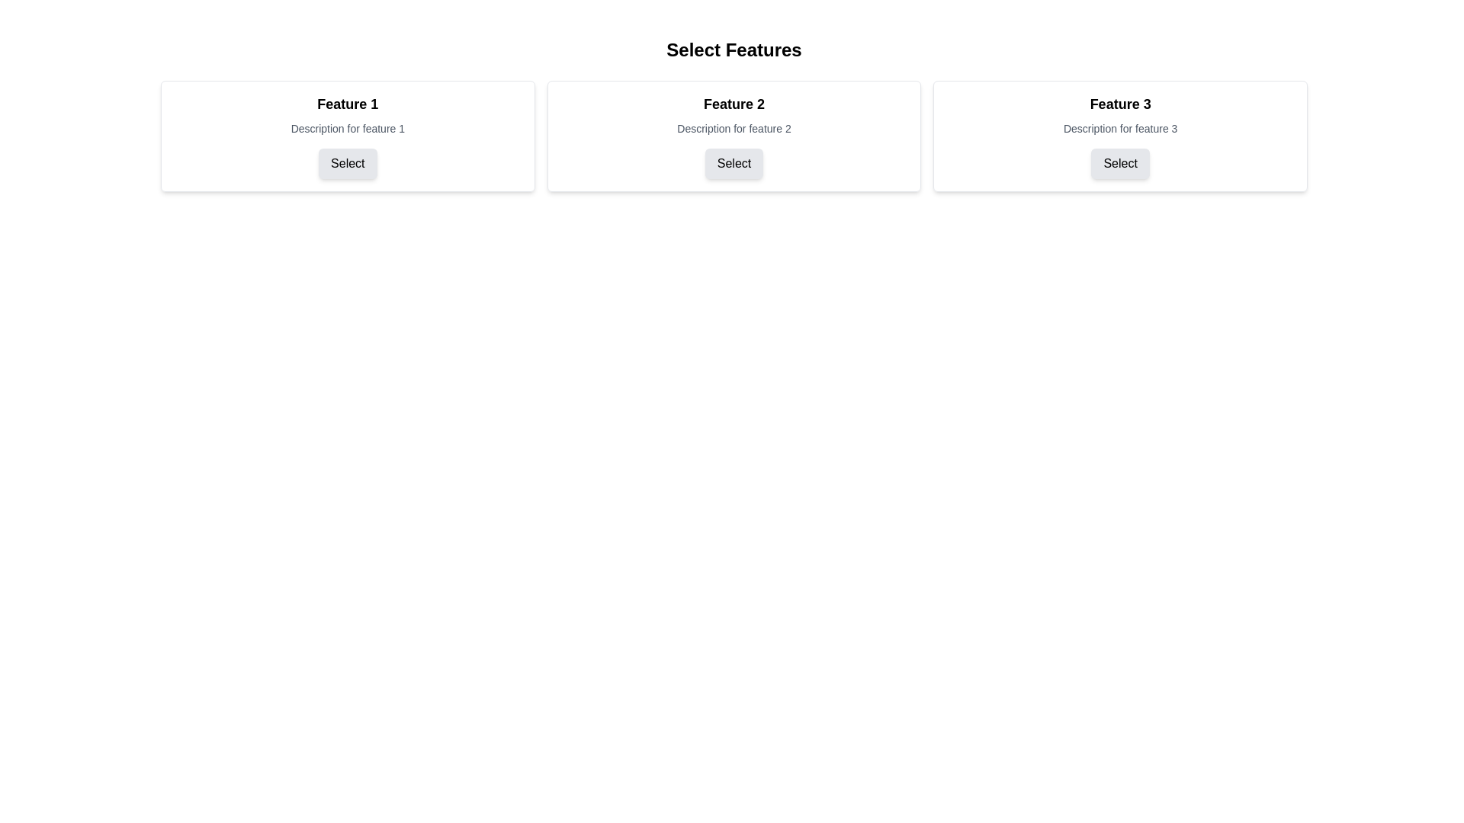  Describe the element at coordinates (1120, 104) in the screenshot. I see `the text label displaying 'Feature 3', which is styled prominently in bold and larger font, located at the top of the rightmost box in a three-column layout` at that location.